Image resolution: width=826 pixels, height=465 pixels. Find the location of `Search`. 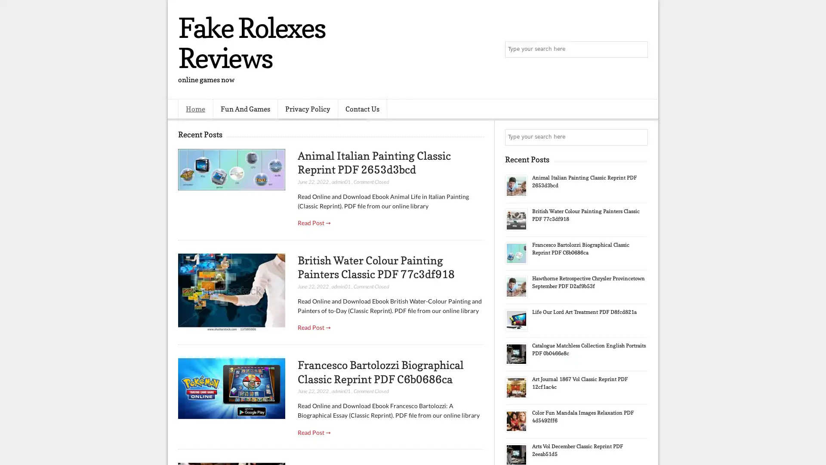

Search is located at coordinates (639, 137).